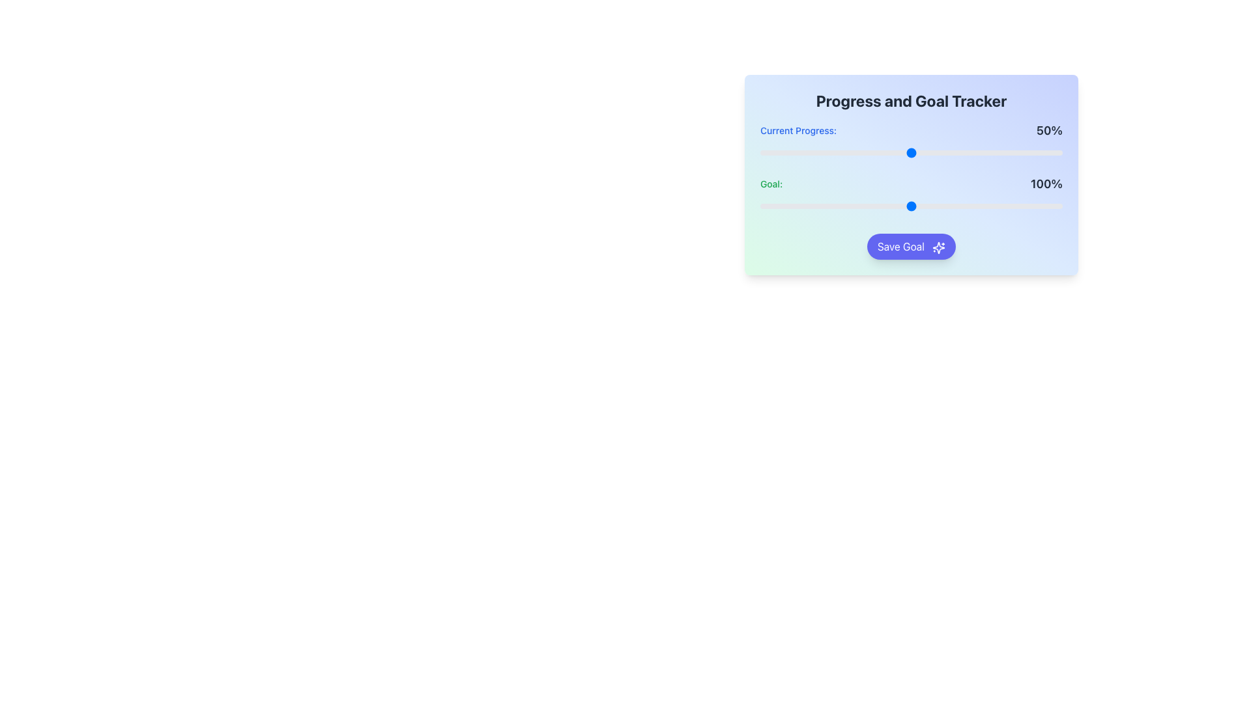  What do you see at coordinates (1049, 130) in the screenshot?
I see `the bold text label displaying '50%' in black color, positioned in the top-right corner of the 'Progress and Goal Tracker' section` at bounding box center [1049, 130].